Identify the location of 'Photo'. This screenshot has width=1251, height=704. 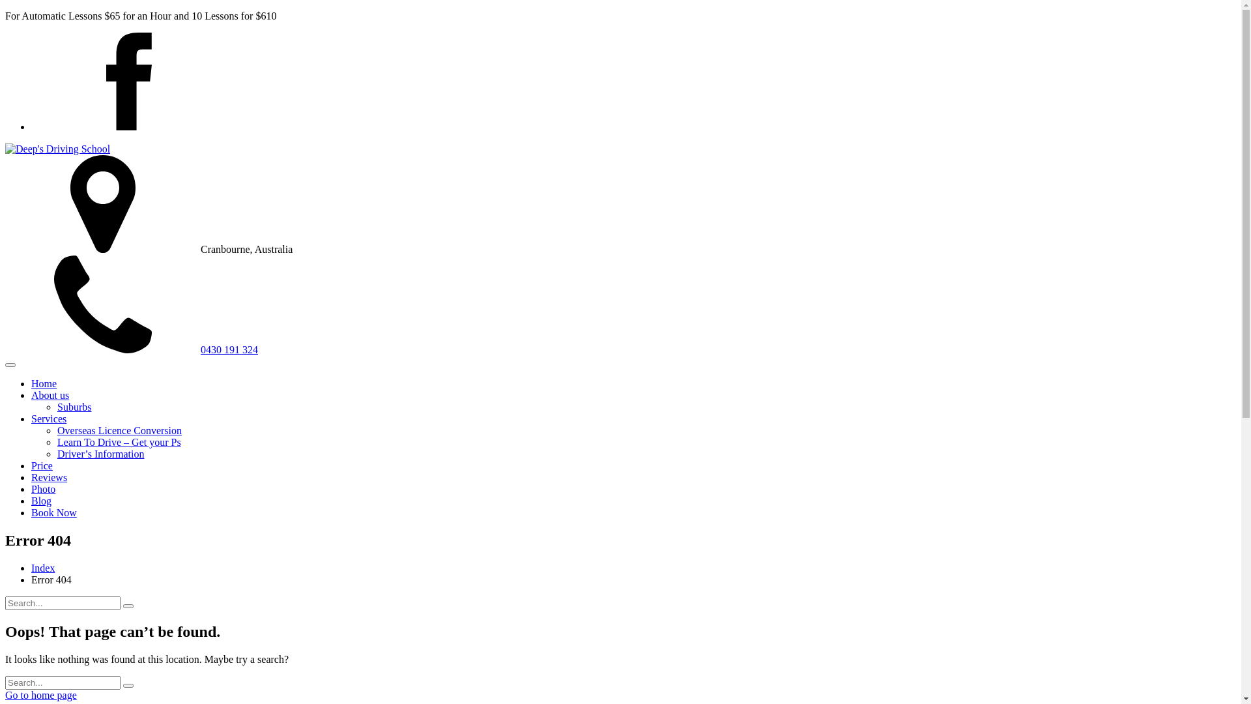
(31, 489).